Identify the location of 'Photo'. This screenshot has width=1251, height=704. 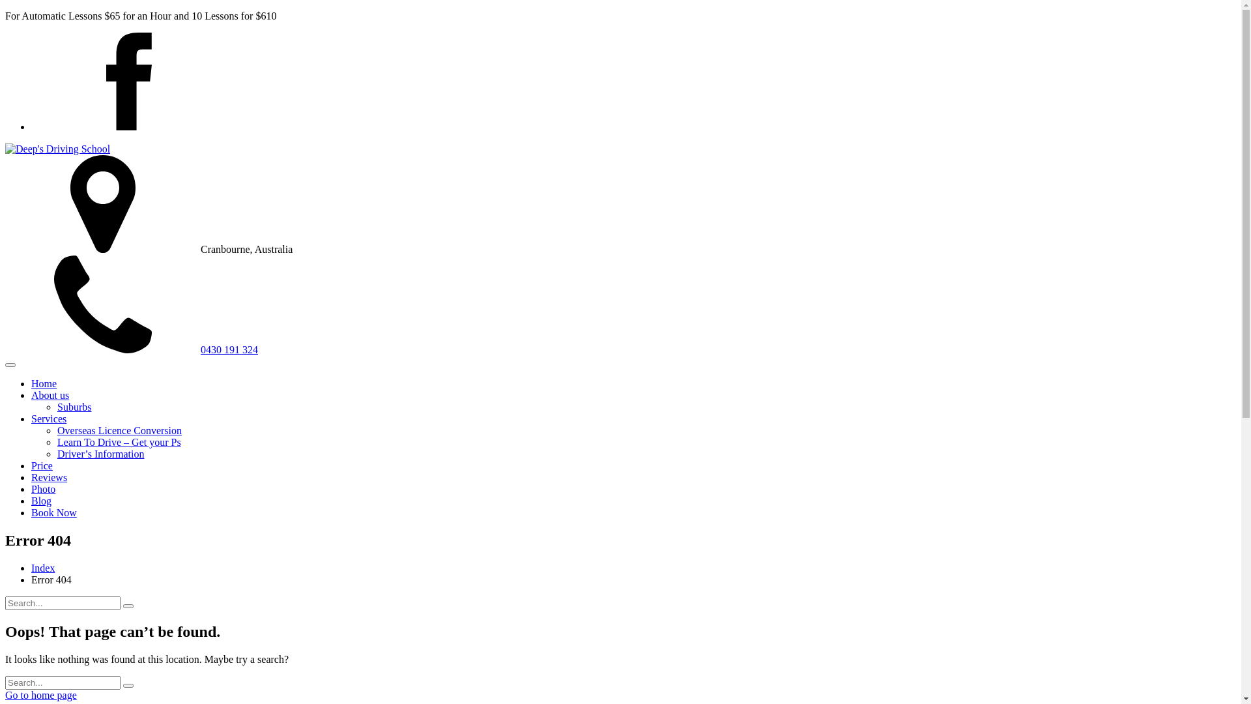
(31, 489).